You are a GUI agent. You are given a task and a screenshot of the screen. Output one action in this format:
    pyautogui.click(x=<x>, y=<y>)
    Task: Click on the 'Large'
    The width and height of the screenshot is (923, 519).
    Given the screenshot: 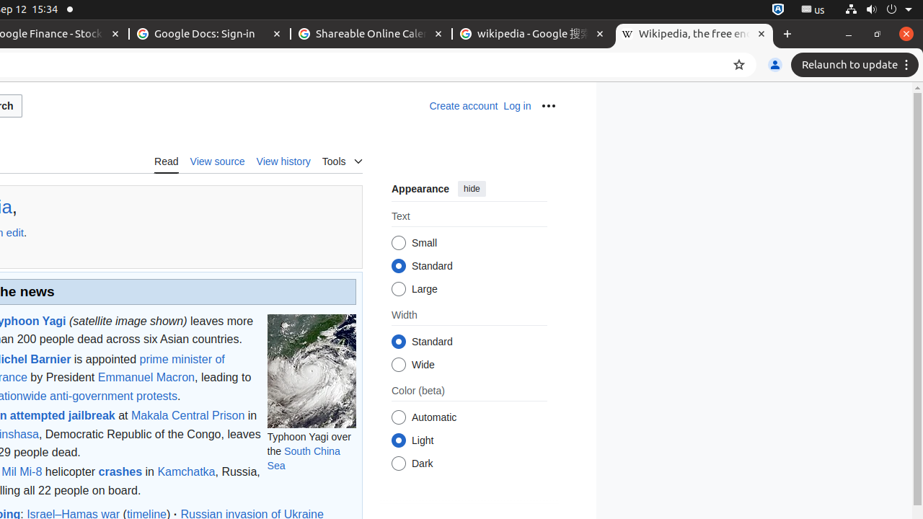 What is the action you would take?
    pyautogui.click(x=398, y=289)
    